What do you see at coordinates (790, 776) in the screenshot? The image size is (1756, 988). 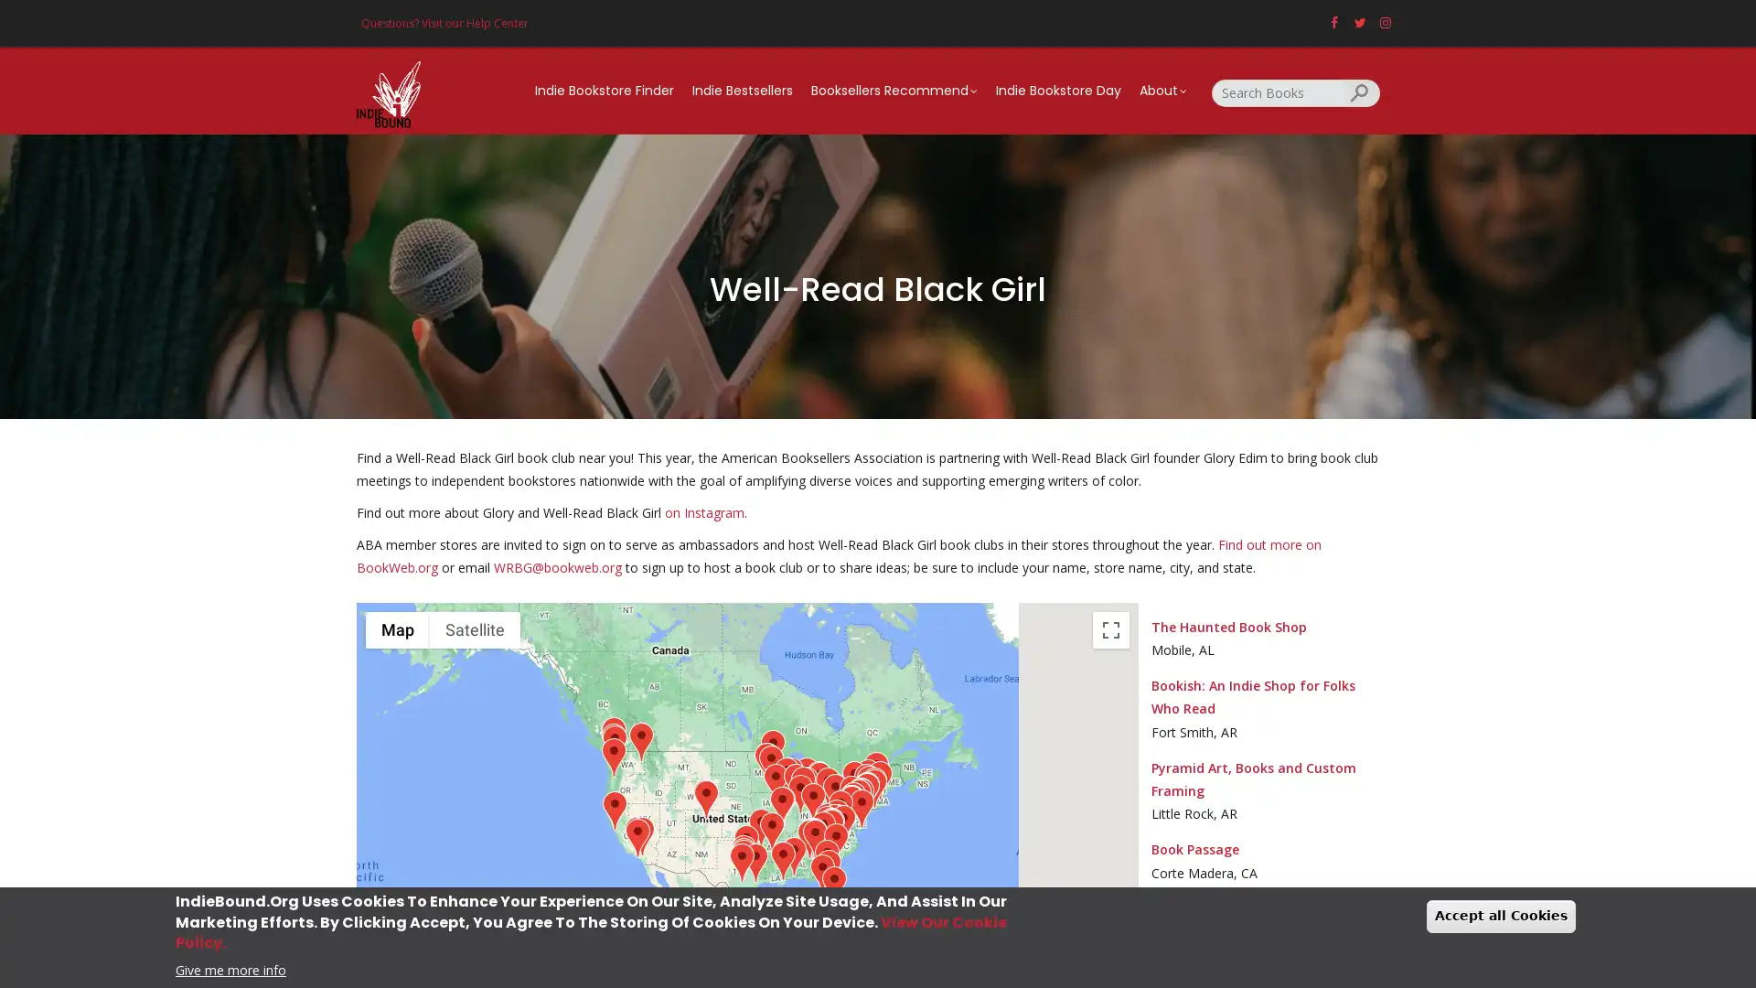 I see `River Dog Book Co.` at bounding box center [790, 776].